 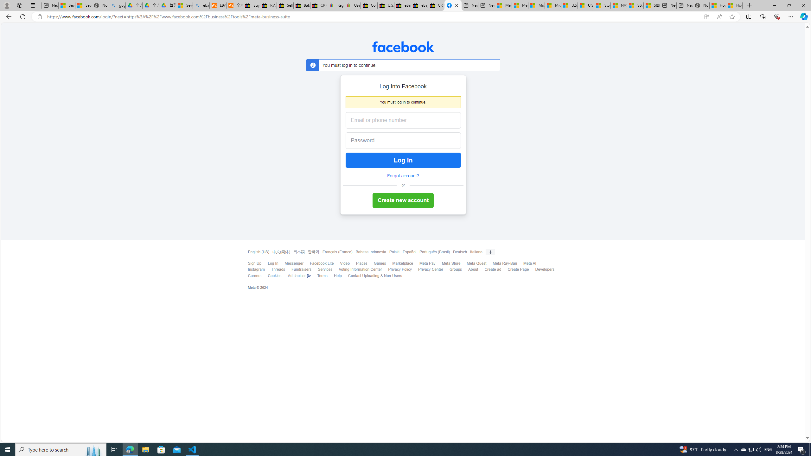 What do you see at coordinates (291, 263) in the screenshot?
I see `'Messenger'` at bounding box center [291, 263].